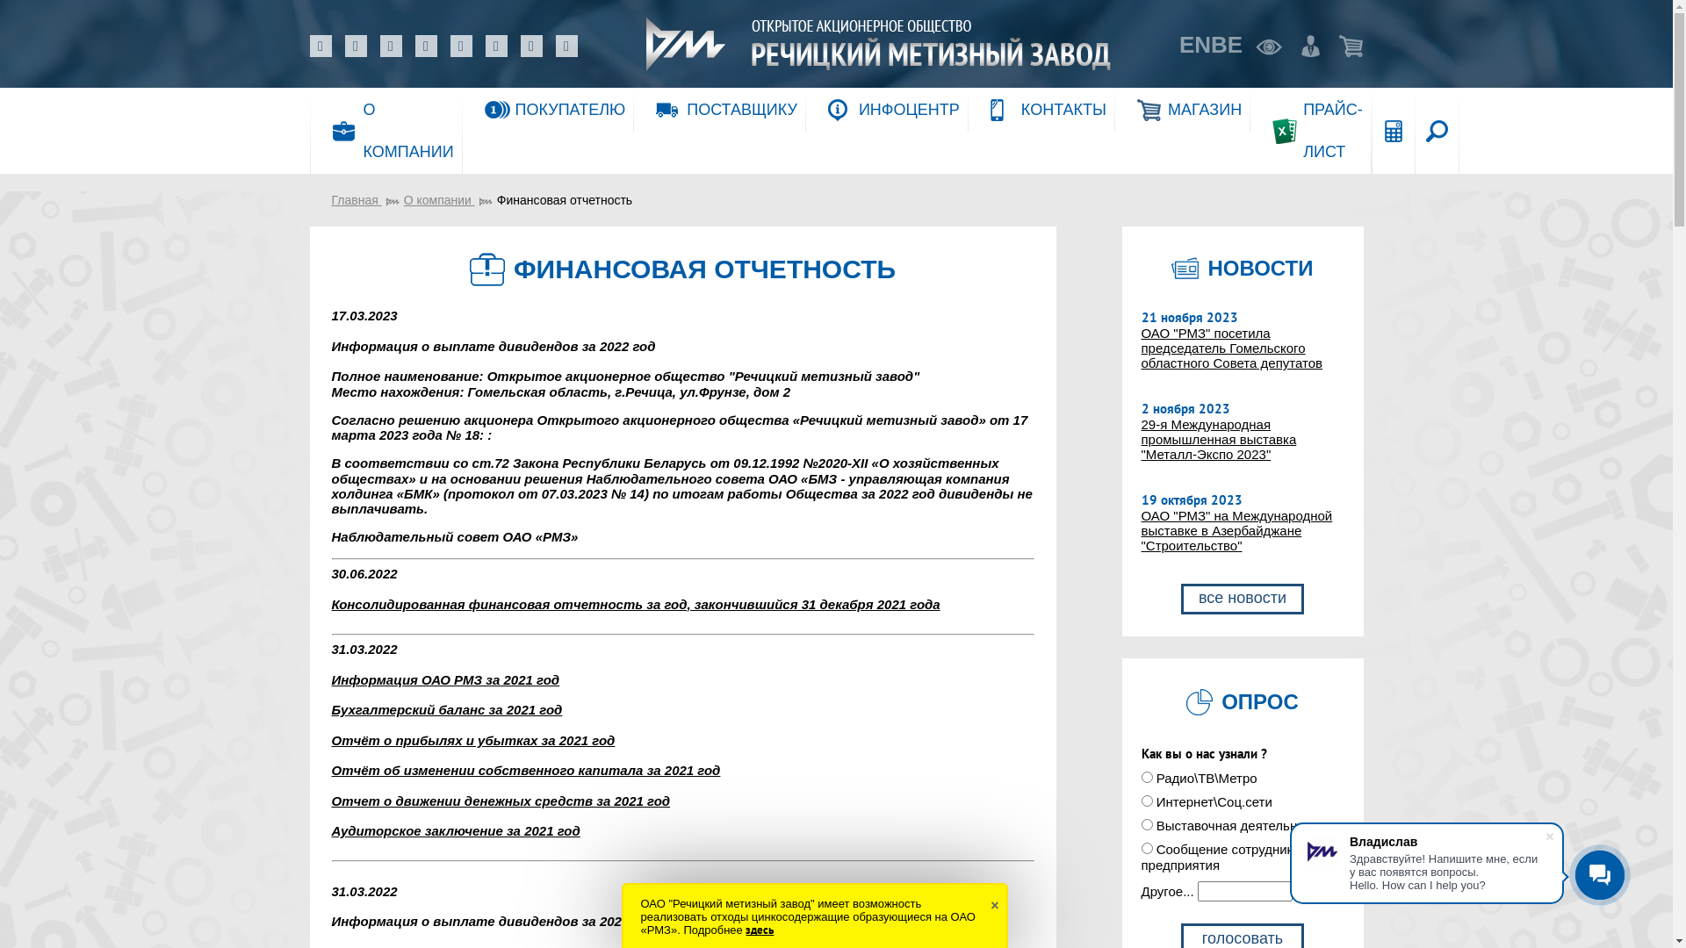 The image size is (1686, 948). I want to click on 'Odnoklassniki', so click(389, 45).